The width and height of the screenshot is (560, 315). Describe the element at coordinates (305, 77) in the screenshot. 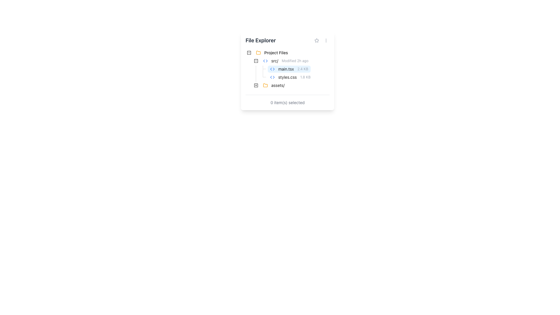

I see `displayed file size information from the text label showing '1.8 KB' for the file 'styles.css', which is located to the far right in the row that includes an SVG icon and the text 'styles.css'` at that location.